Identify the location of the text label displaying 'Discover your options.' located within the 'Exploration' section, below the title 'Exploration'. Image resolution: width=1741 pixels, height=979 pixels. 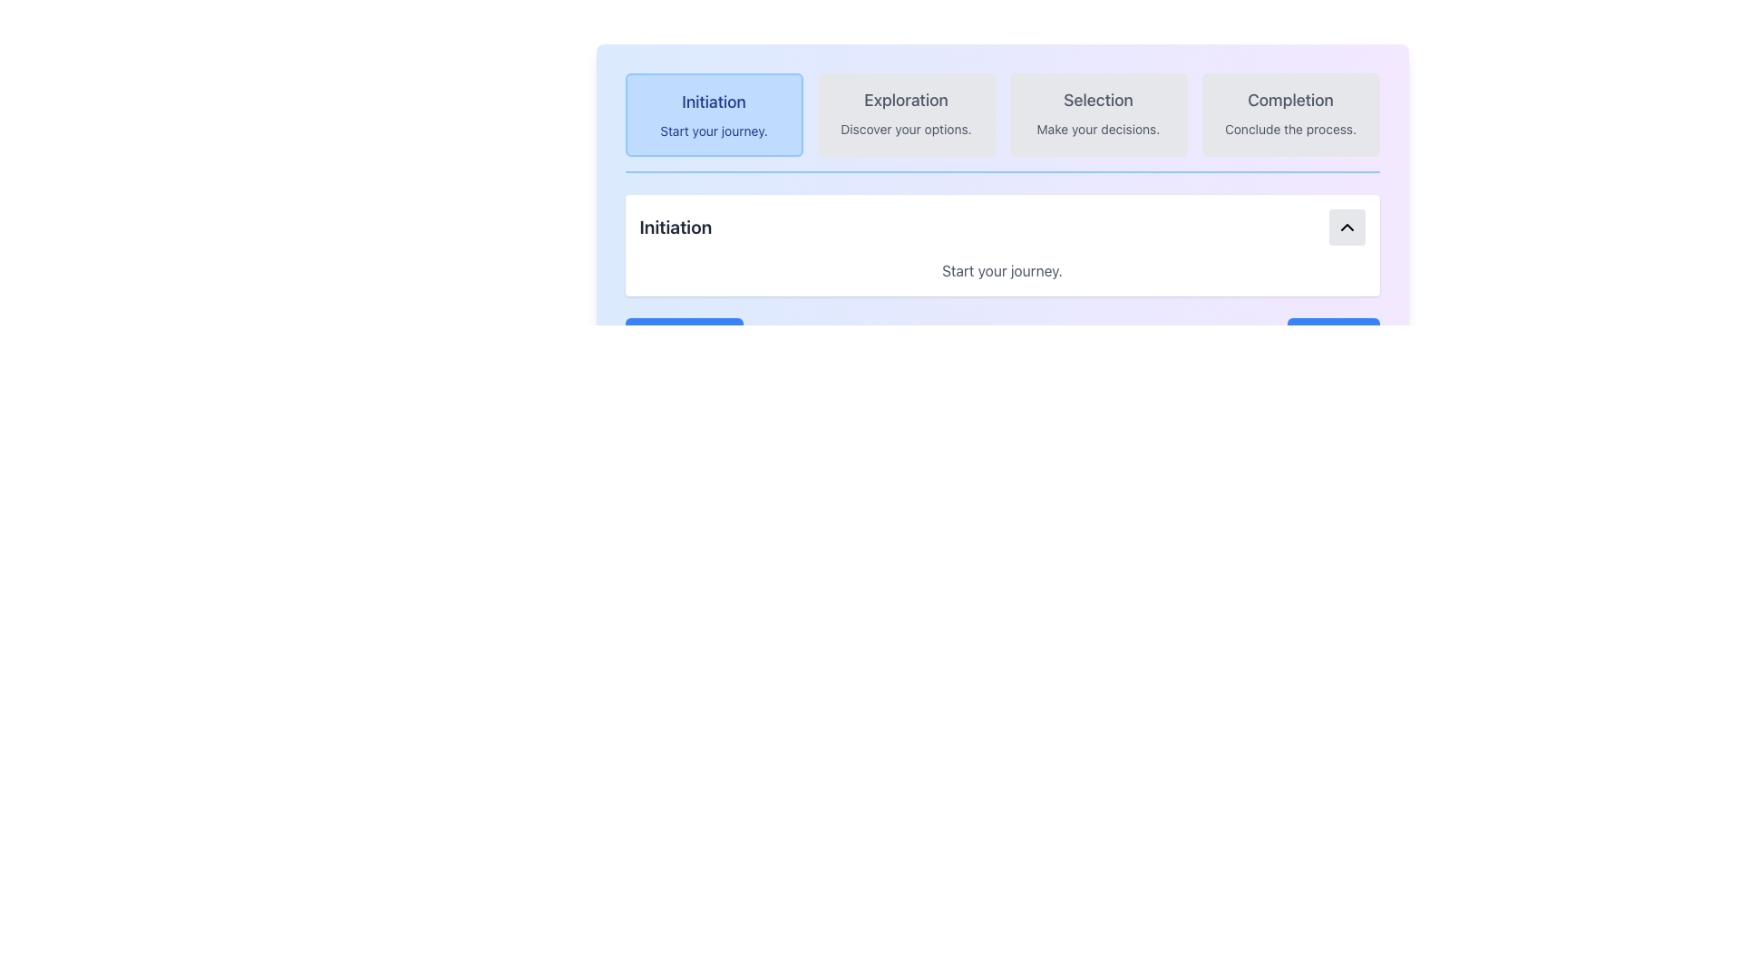
(906, 128).